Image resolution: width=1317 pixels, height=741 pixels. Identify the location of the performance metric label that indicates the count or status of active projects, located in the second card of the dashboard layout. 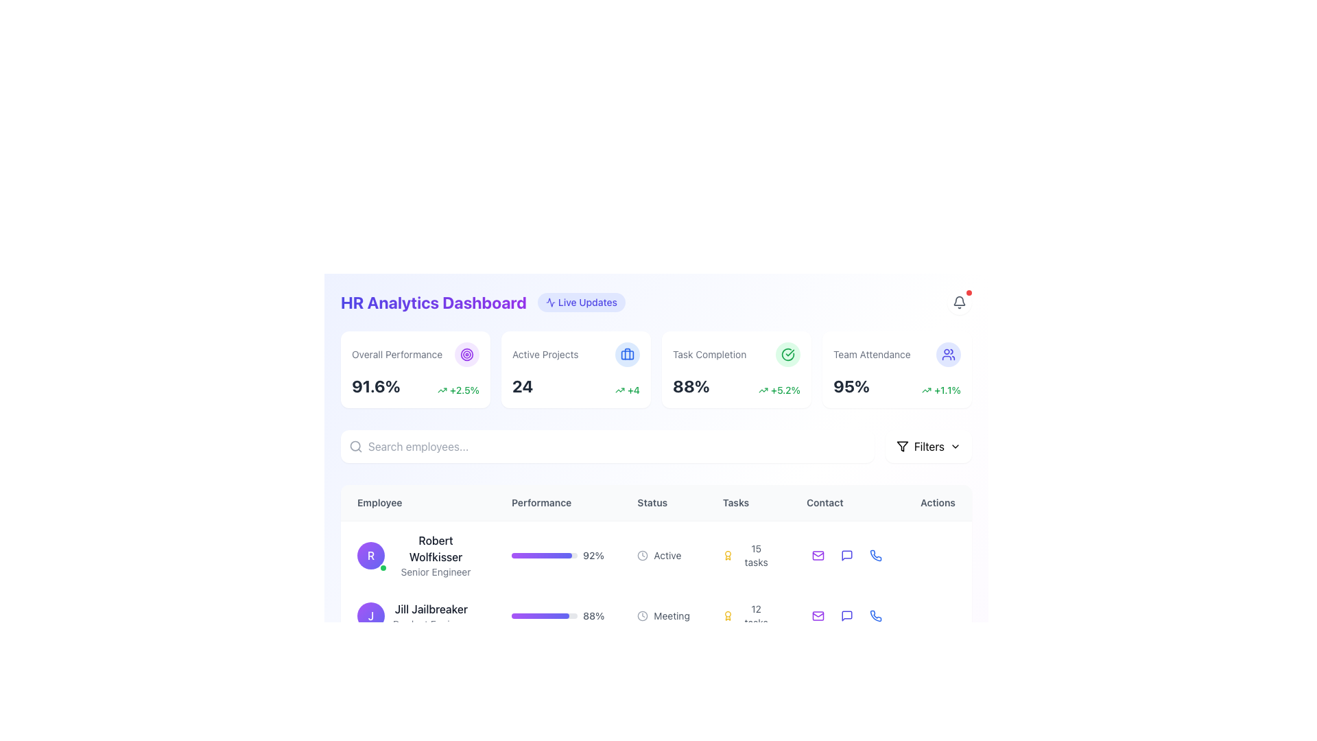
(545, 353).